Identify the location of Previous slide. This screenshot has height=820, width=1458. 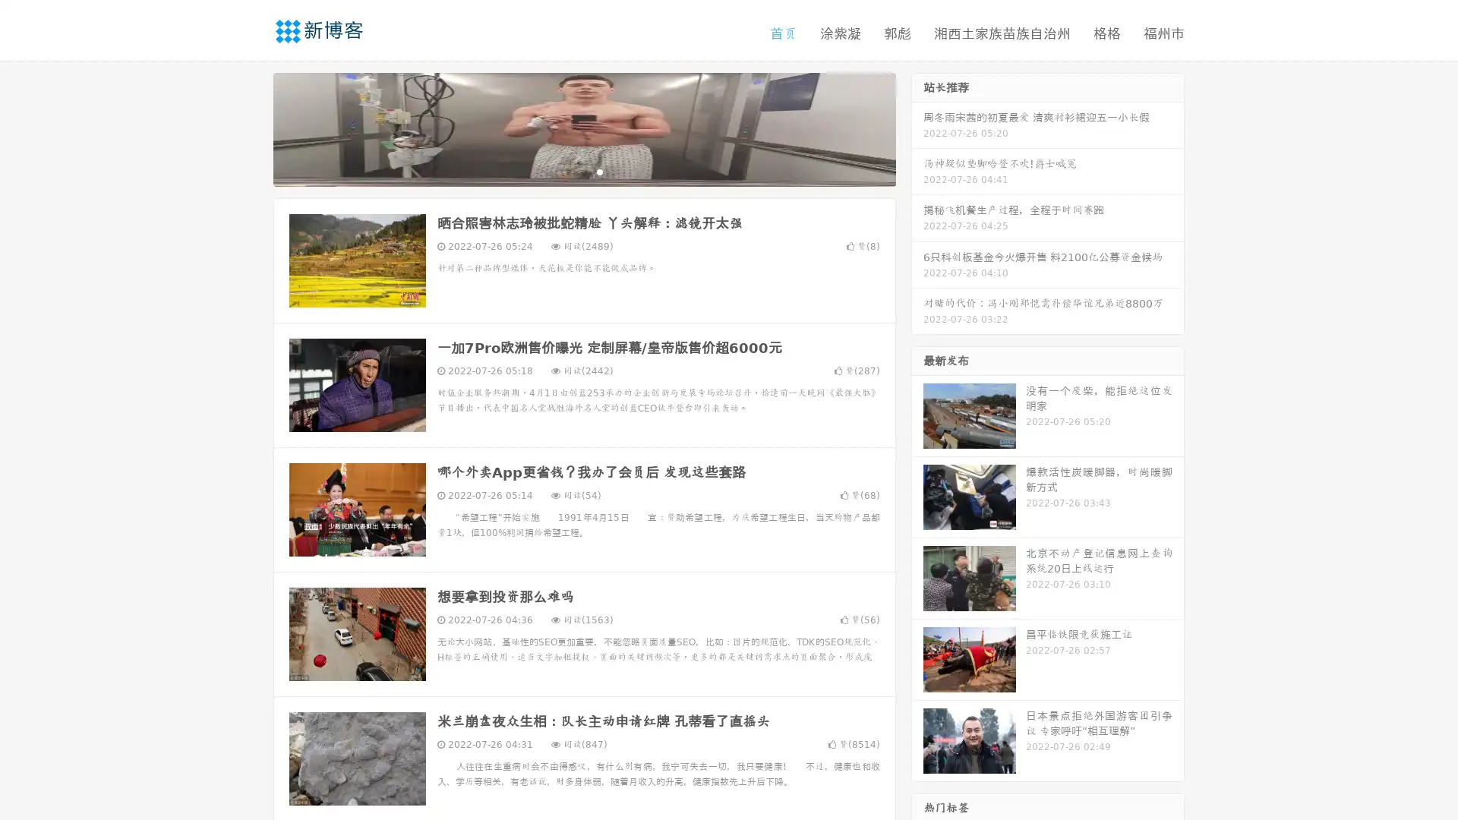
(251, 128).